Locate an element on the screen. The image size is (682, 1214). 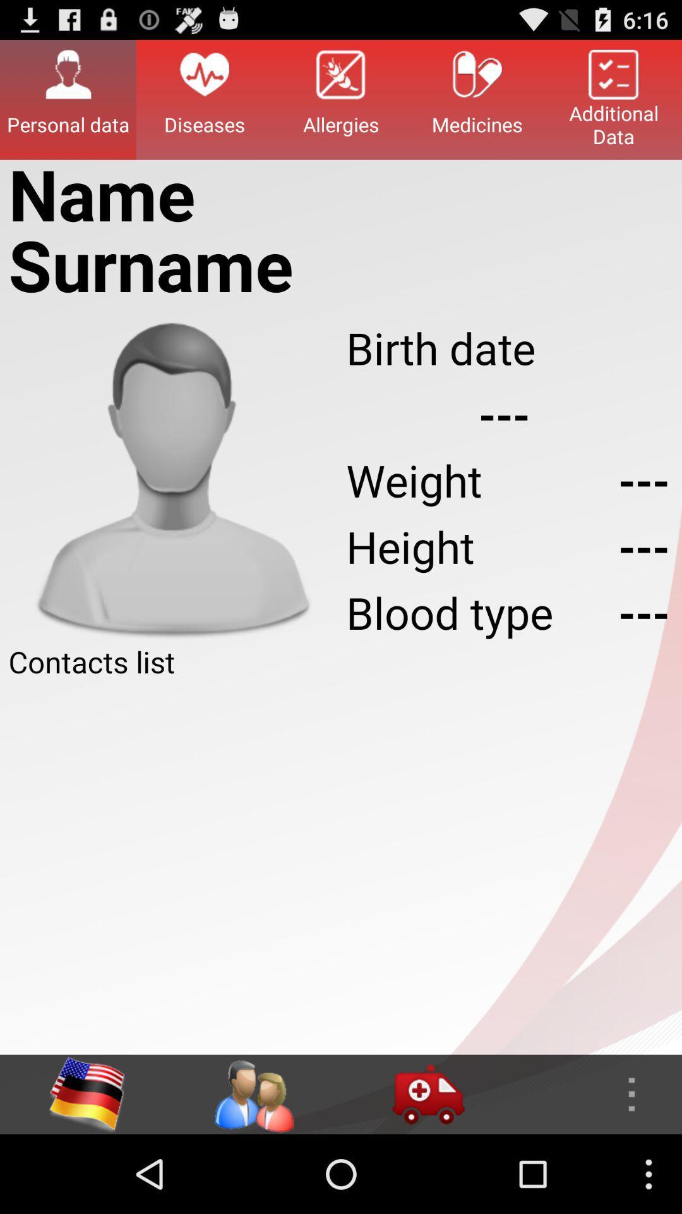
personal data is located at coordinates (68, 99).